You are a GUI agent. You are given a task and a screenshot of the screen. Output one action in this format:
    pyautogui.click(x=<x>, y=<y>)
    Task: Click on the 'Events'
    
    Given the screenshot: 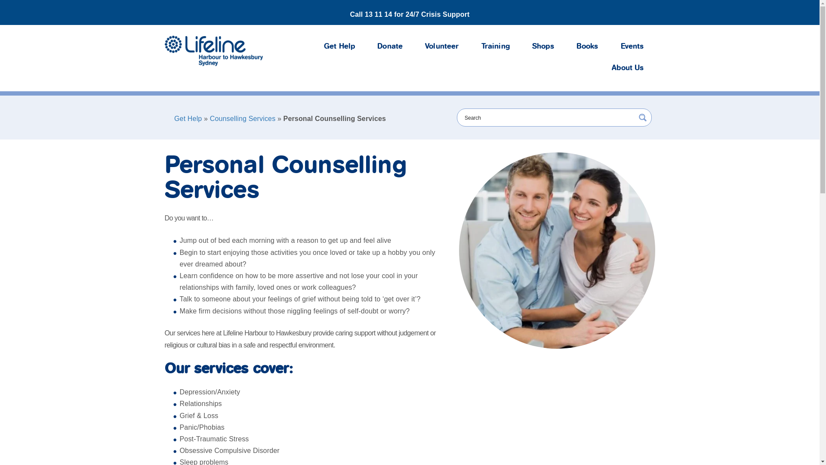 What is the action you would take?
    pyautogui.click(x=632, y=46)
    